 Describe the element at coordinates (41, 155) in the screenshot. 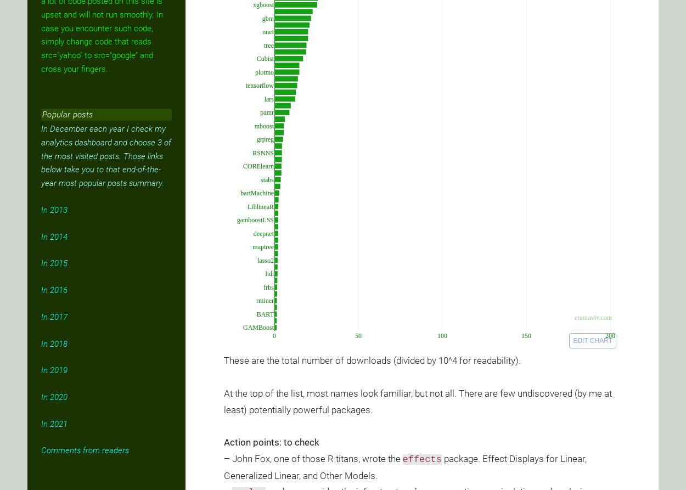

I see `'In December each year I check my analytics dashboard and choose 3 of the most visited posts. Those links below take you to that end-of-the-year most popular posts summary.'` at that location.